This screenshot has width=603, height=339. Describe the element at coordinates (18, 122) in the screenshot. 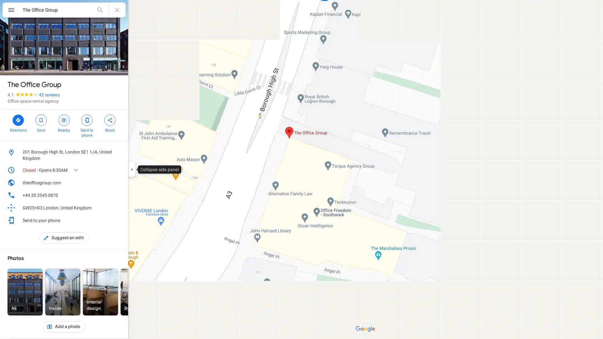

I see `Directions to The Office Group` at that location.